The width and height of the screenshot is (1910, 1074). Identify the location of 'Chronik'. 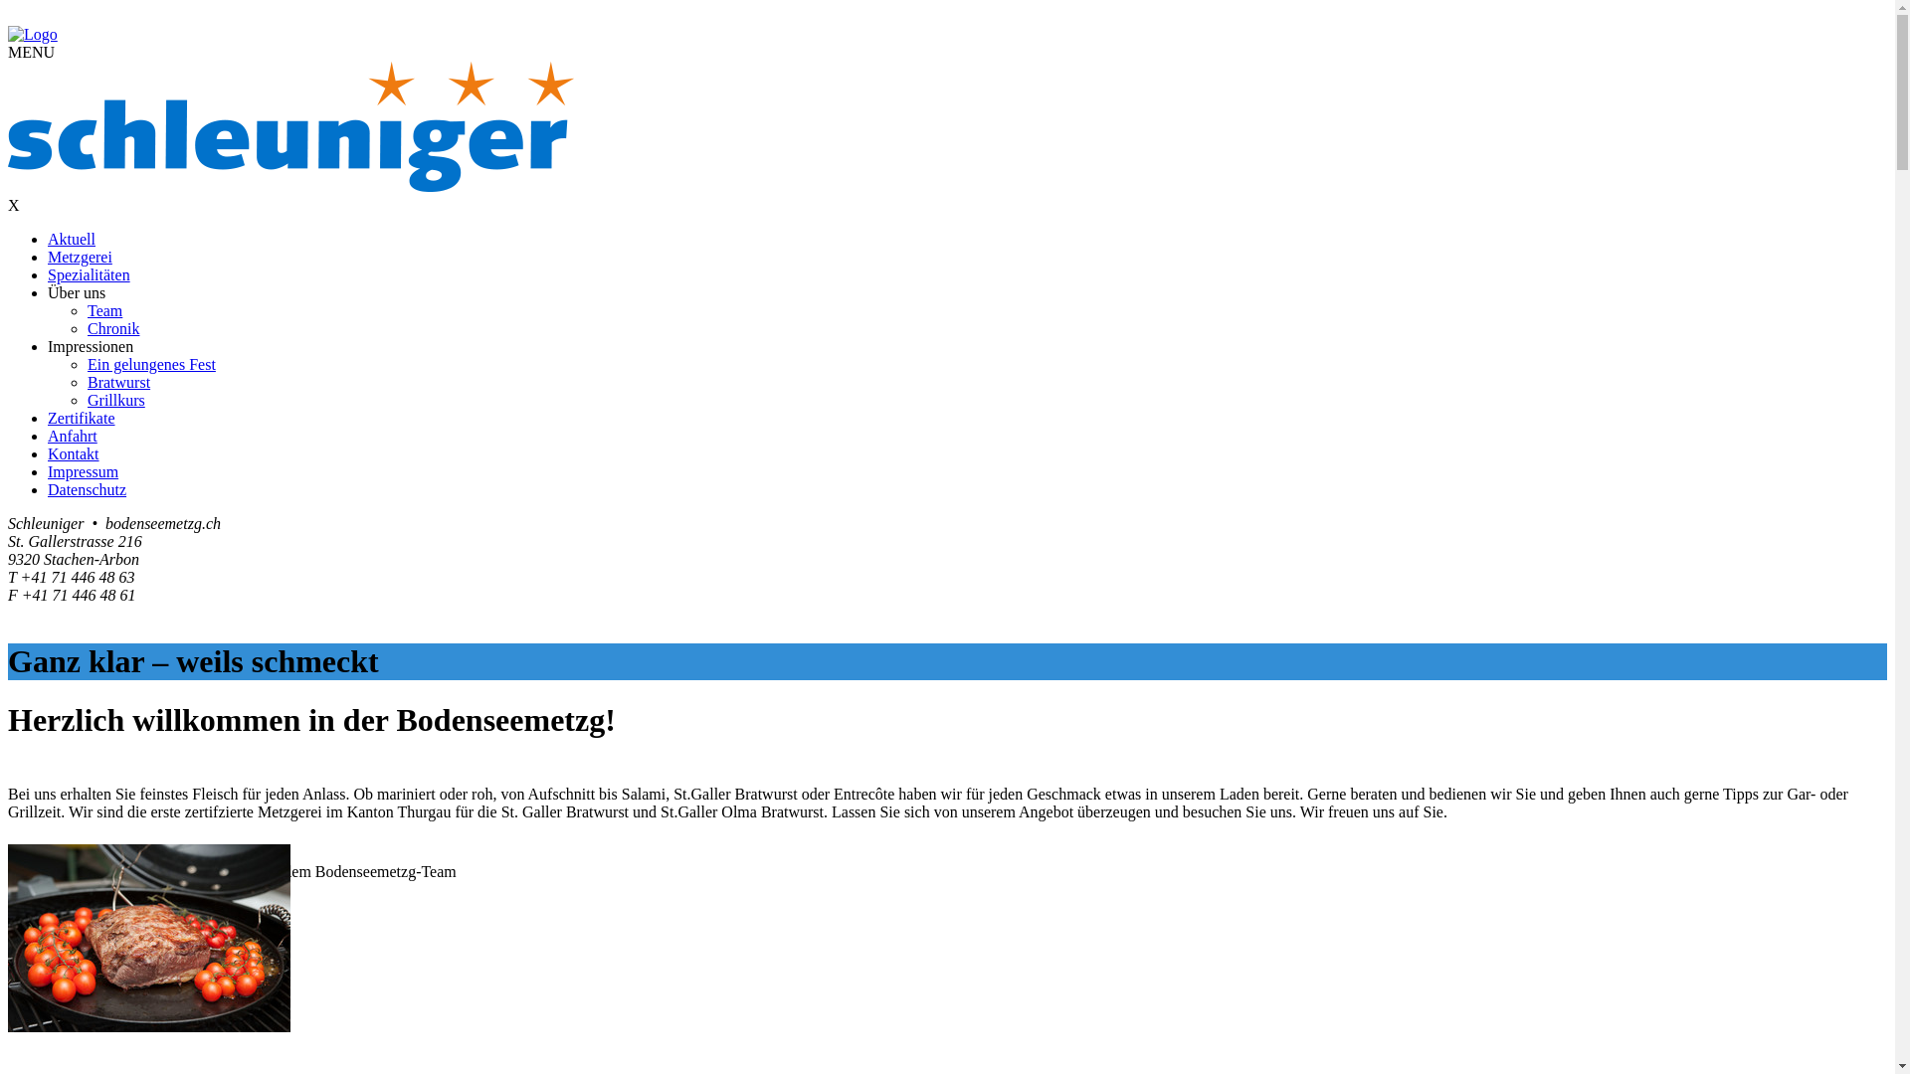
(112, 327).